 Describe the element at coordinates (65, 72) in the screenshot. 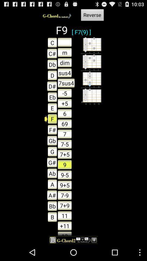

I see `the icon to the right of db icon` at that location.